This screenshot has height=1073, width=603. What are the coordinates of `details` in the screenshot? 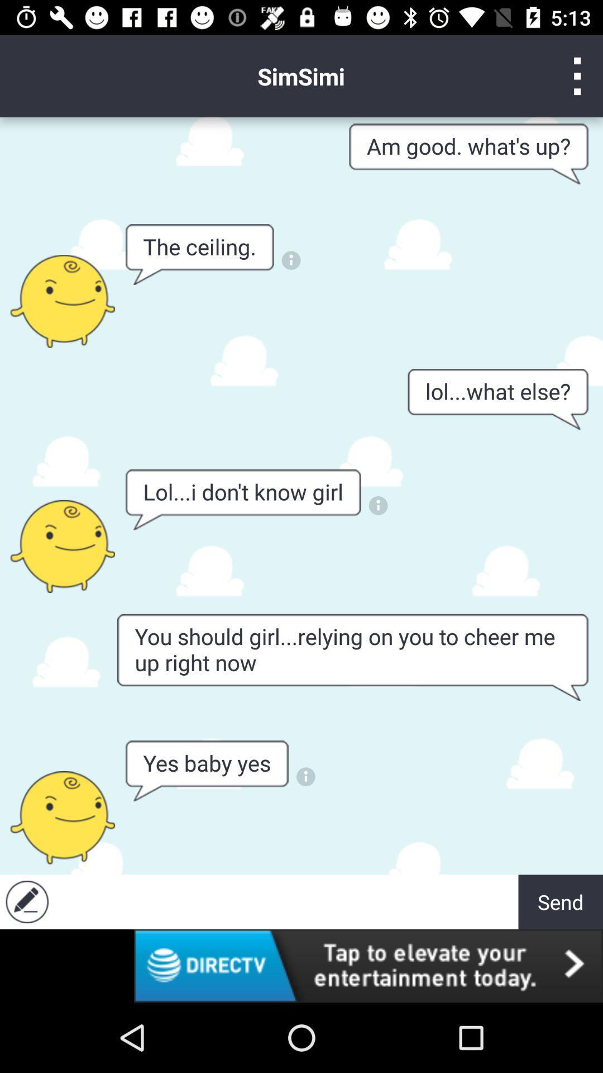 It's located at (377, 505).